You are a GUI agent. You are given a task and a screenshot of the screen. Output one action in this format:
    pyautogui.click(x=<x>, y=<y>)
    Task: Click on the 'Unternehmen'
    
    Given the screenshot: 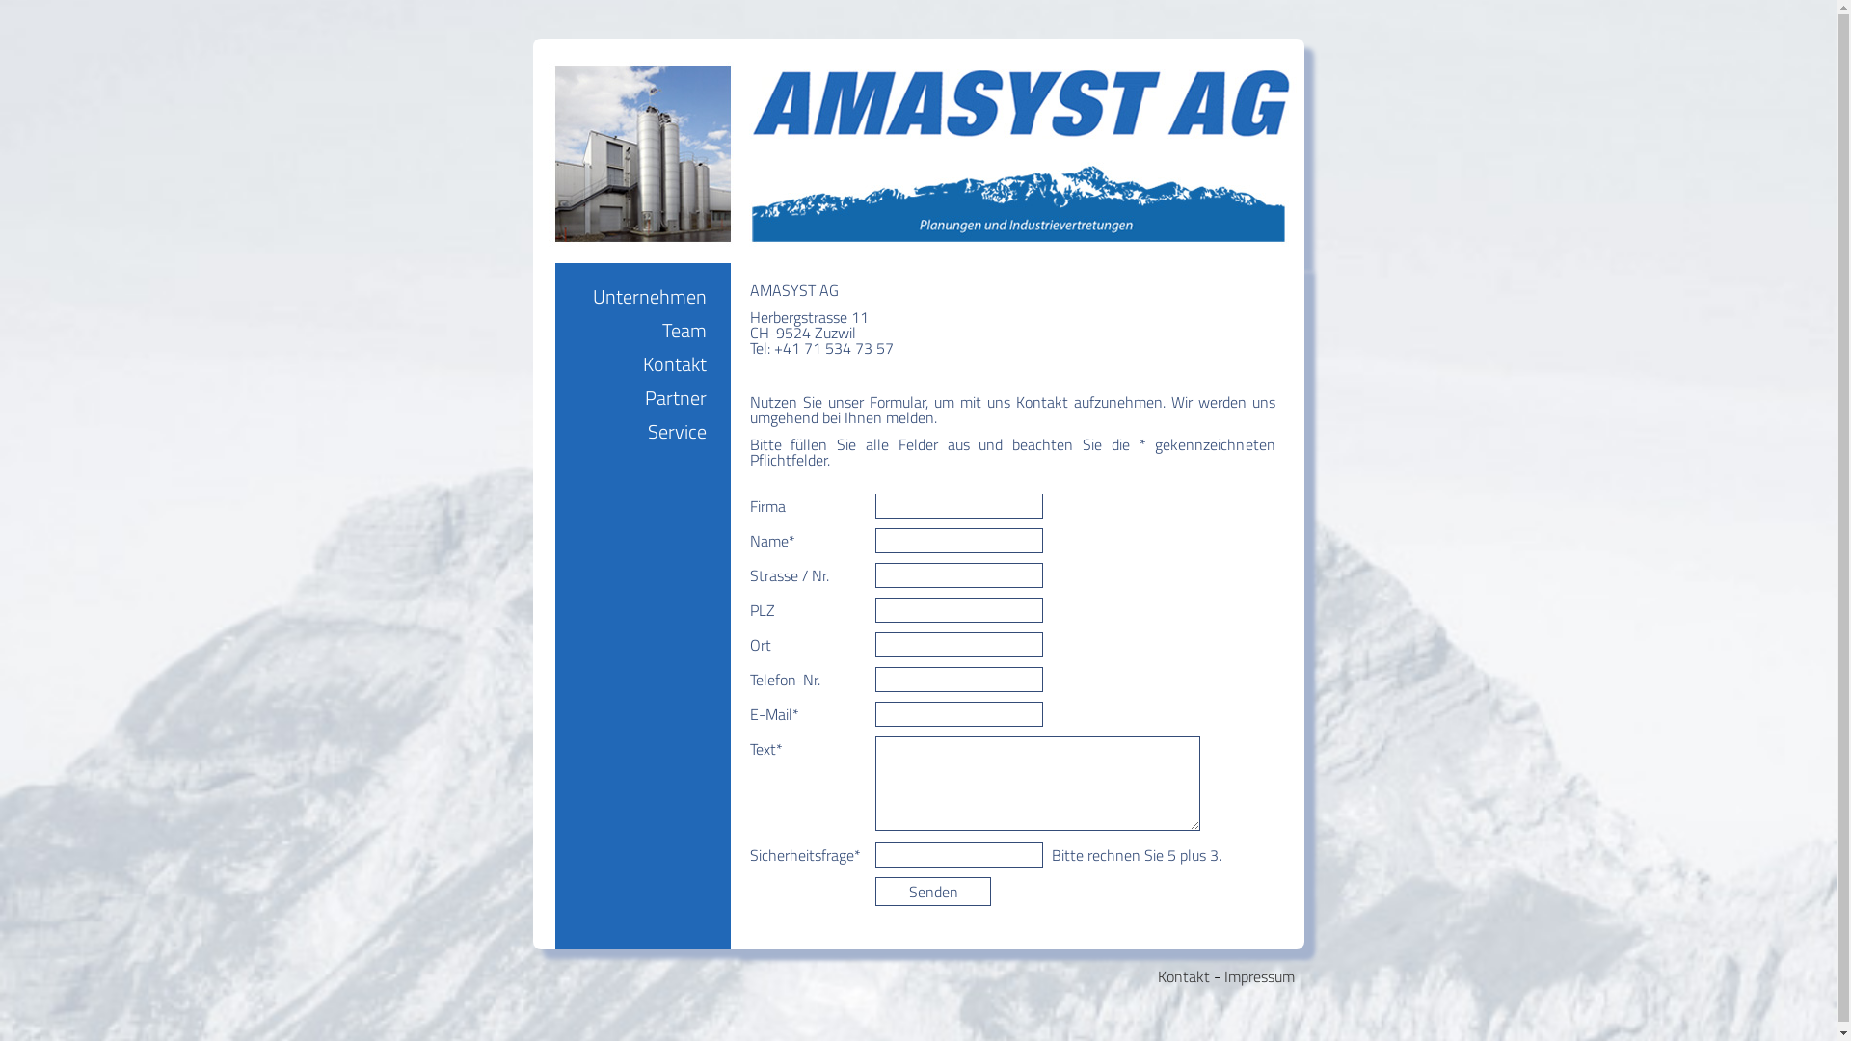 What is the action you would take?
    pyautogui.click(x=648, y=296)
    